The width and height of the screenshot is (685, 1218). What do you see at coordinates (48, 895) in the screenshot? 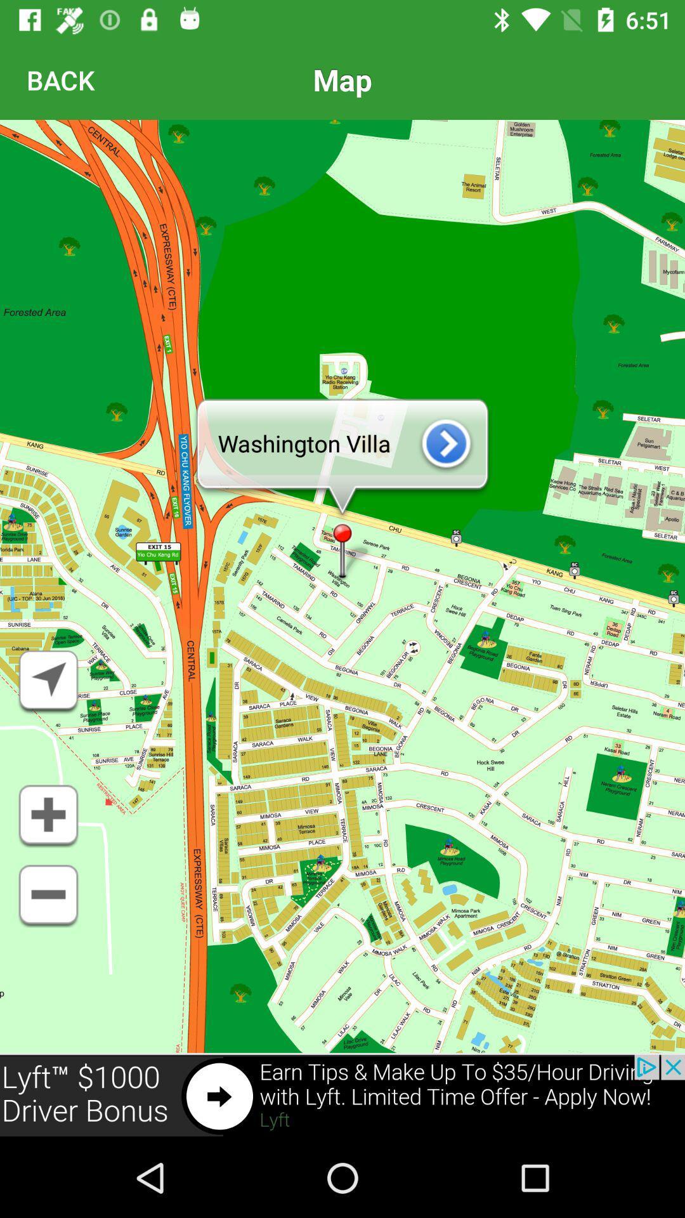
I see `less focus` at bounding box center [48, 895].